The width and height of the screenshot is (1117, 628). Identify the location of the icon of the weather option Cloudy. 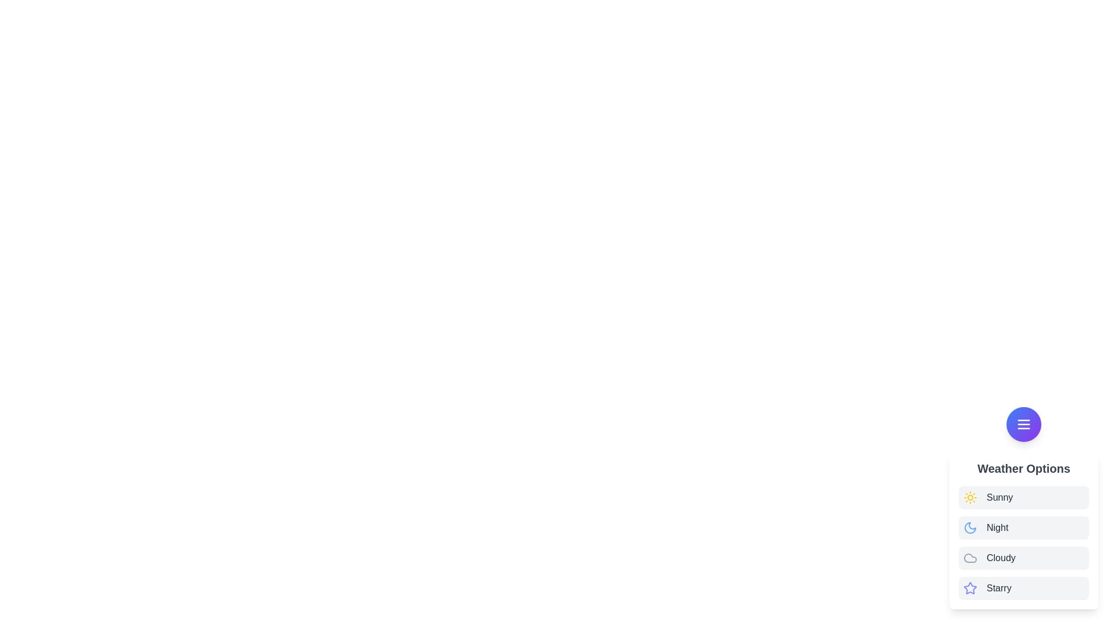
(970, 558).